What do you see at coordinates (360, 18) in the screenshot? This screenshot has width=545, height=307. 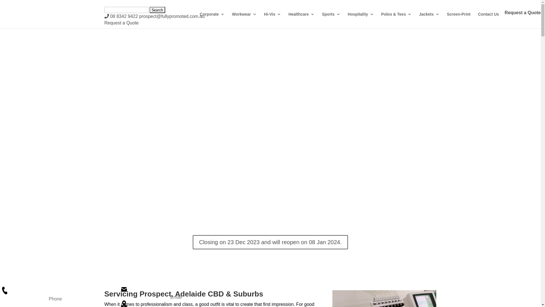 I see `'Hospitality'` at bounding box center [360, 18].